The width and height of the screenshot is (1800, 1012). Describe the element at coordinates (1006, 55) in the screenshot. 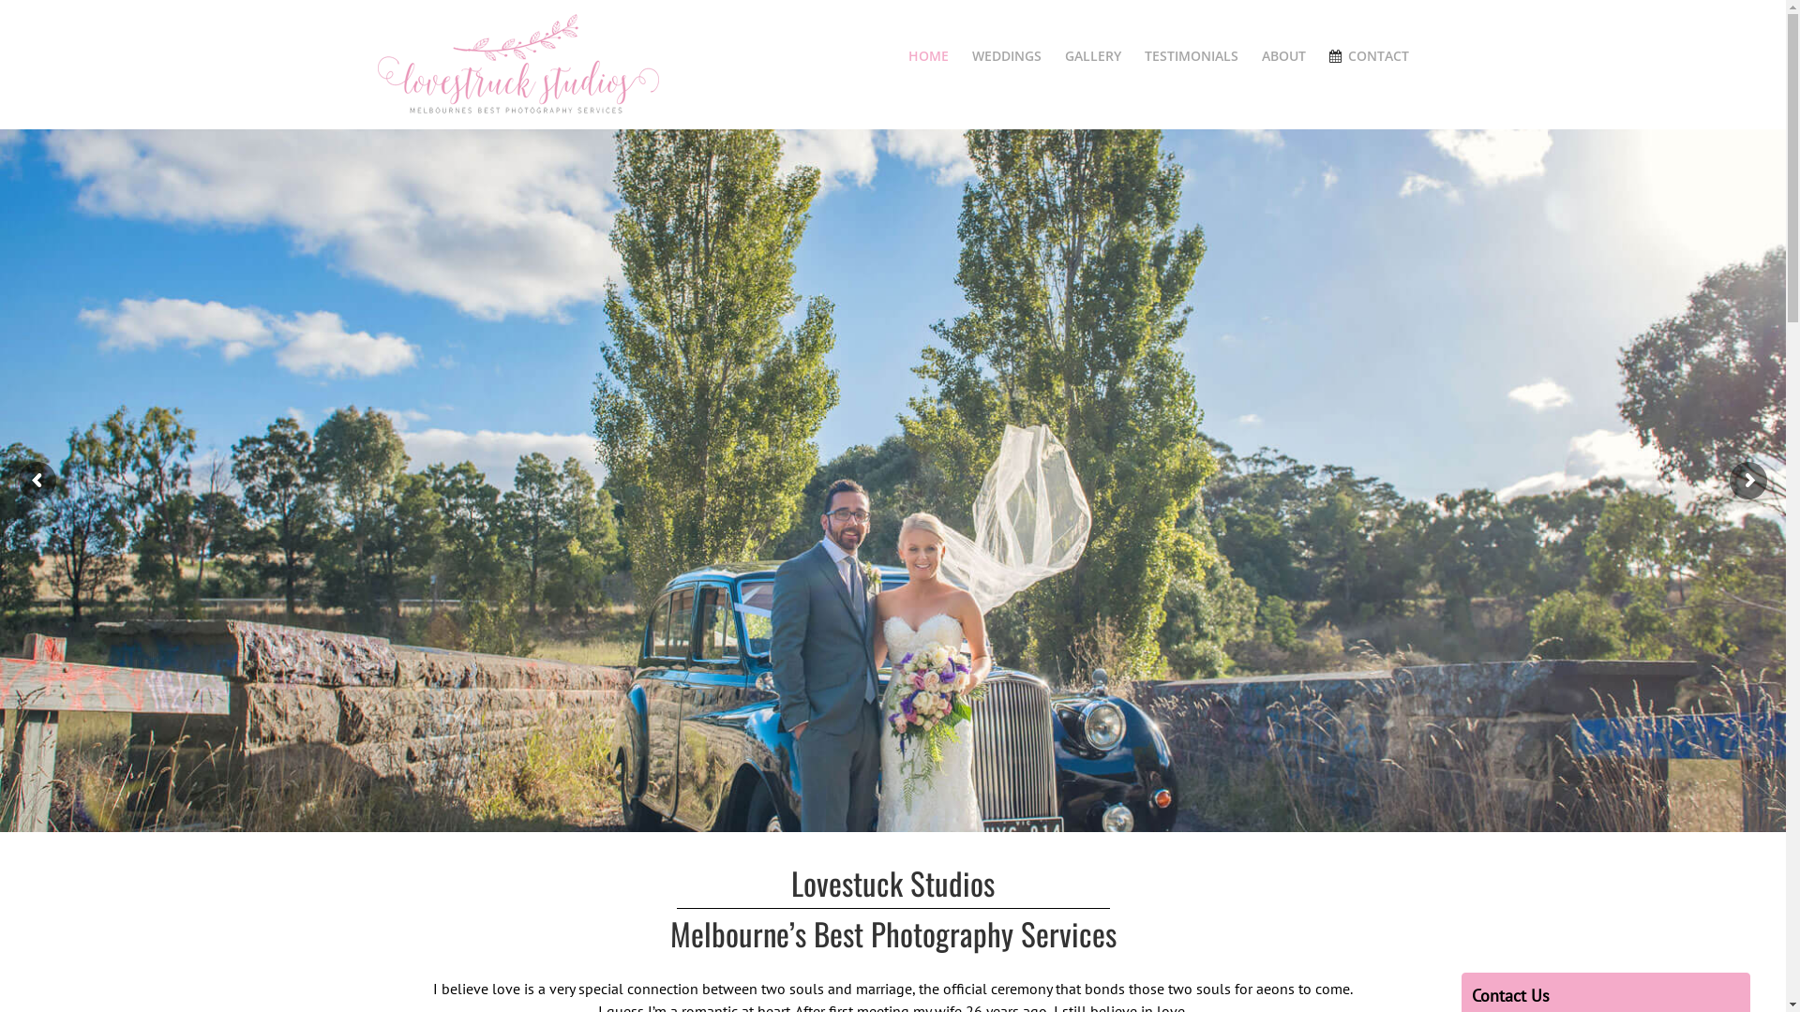

I see `'WEDDINGS'` at that location.